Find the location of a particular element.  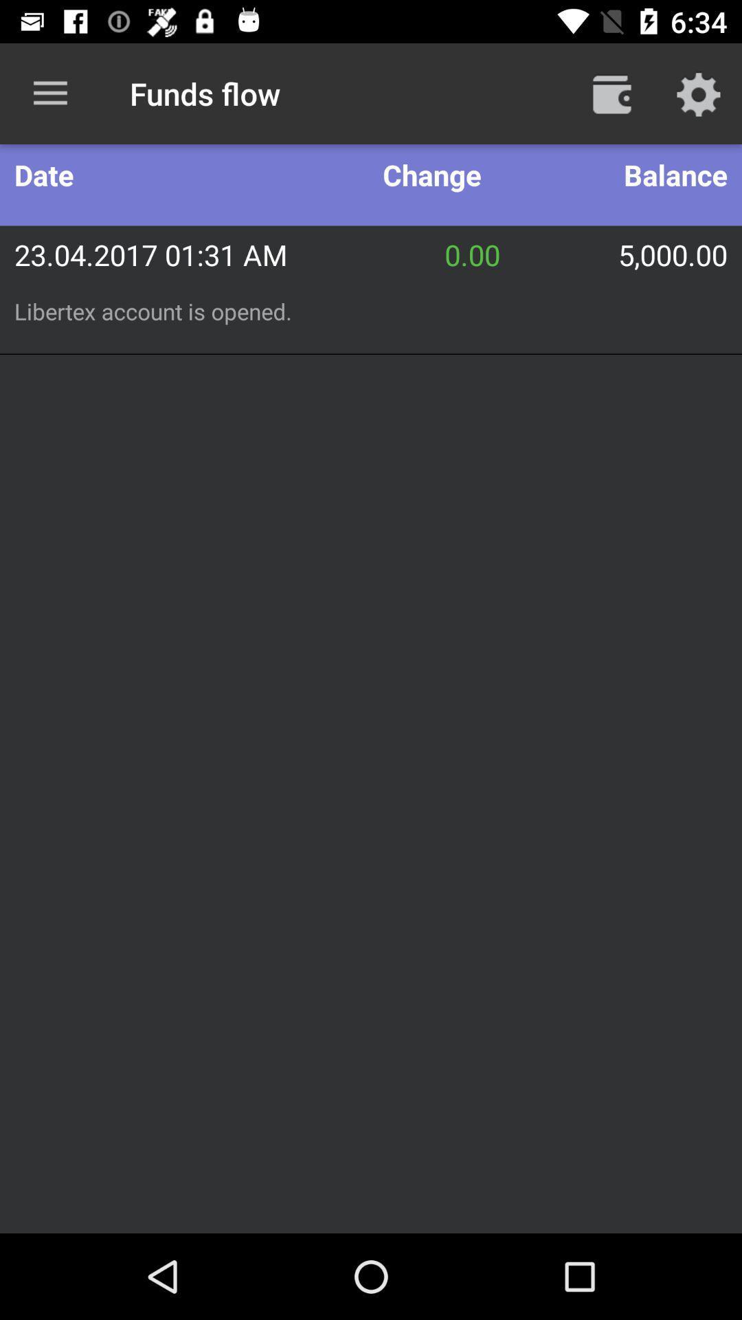

delete option is located at coordinates (611, 93).